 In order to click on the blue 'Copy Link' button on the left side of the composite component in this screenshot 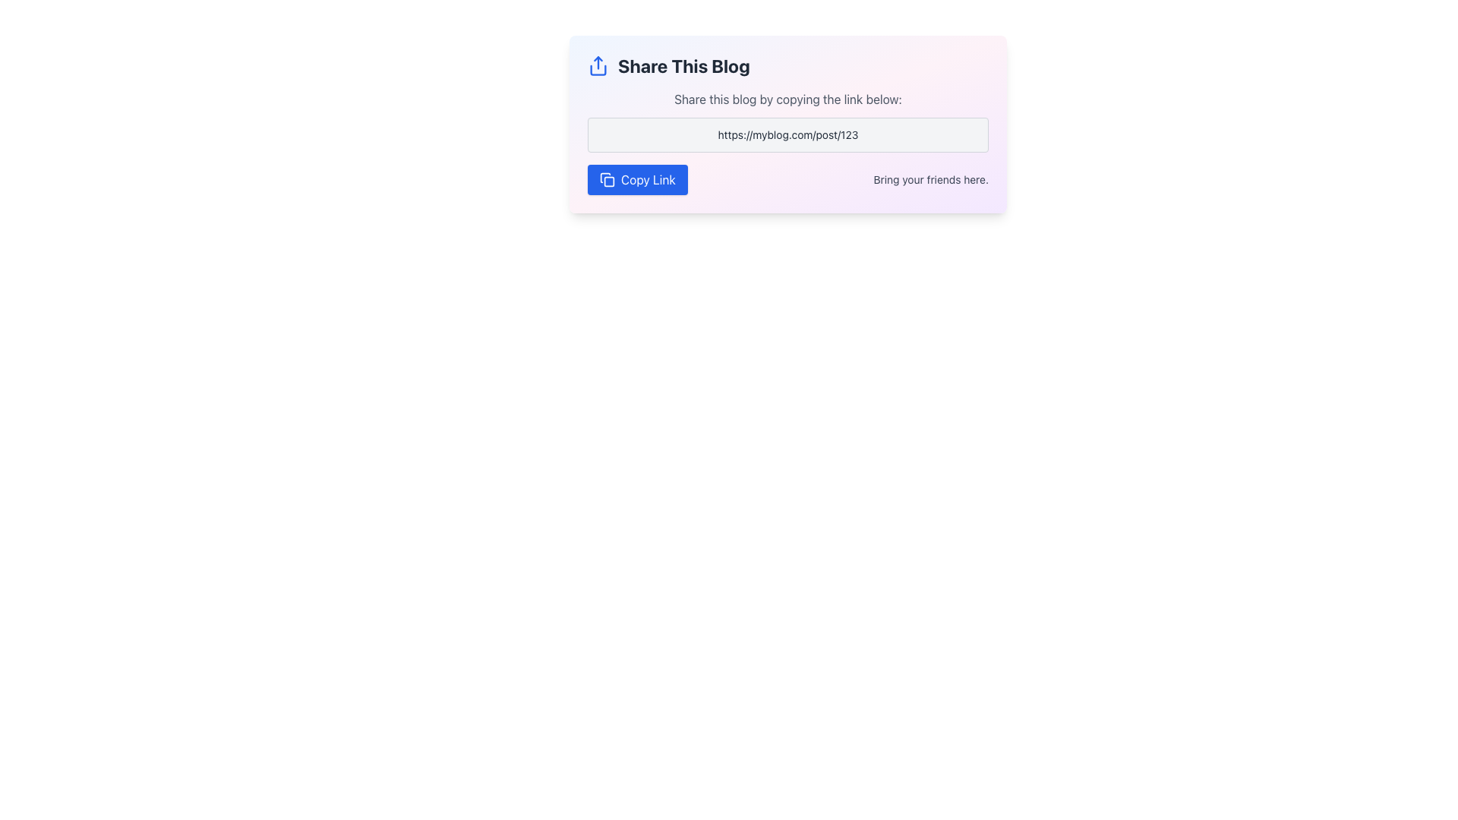, I will do `click(787, 178)`.